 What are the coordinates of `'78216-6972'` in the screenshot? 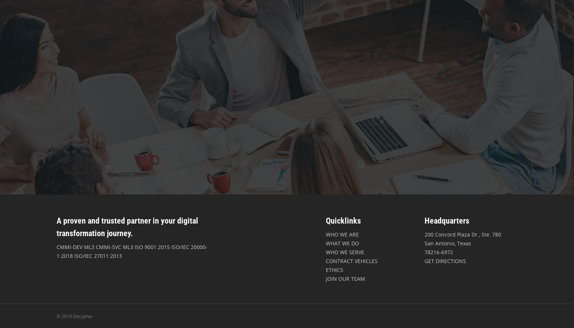 It's located at (438, 252).